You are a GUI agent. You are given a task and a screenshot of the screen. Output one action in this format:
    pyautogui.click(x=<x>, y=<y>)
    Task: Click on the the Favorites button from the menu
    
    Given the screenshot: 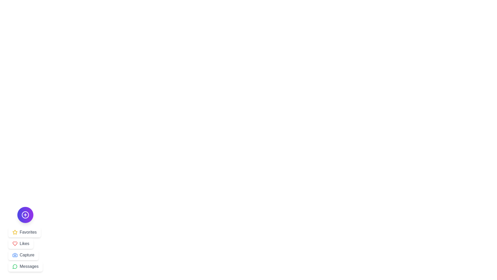 What is the action you would take?
    pyautogui.click(x=24, y=232)
    